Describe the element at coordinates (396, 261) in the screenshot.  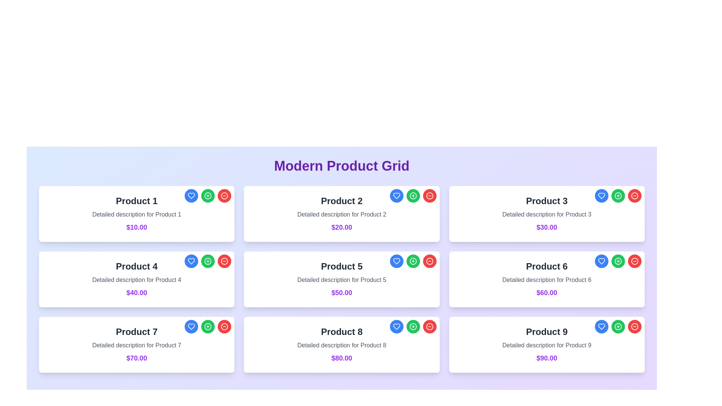
I see `the heart-shaped outline icon with a blue background located at the top right of the 'Product 5' card` at that location.